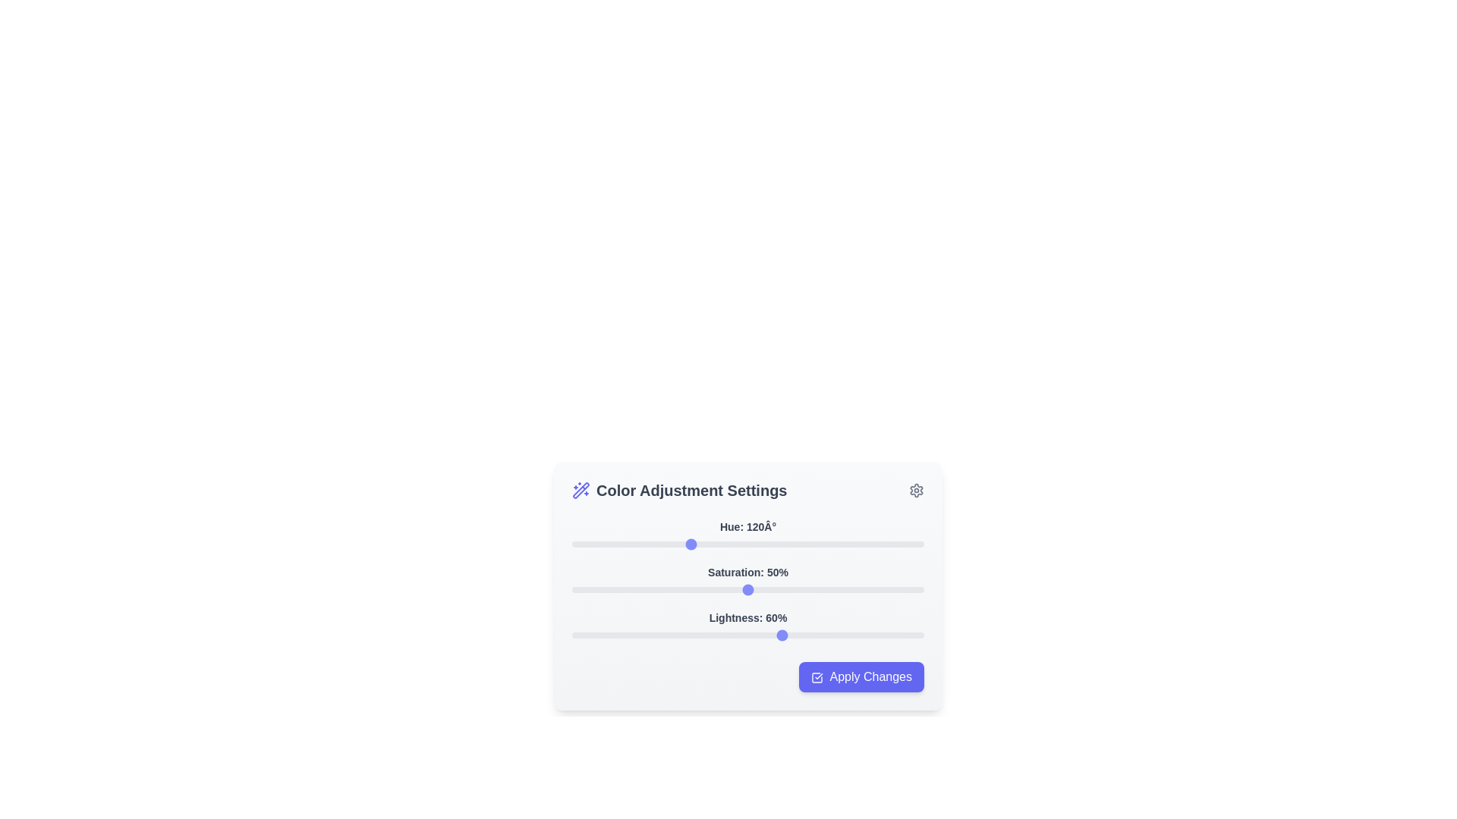 Image resolution: width=1457 pixels, height=819 pixels. What do you see at coordinates (762, 589) in the screenshot?
I see `the saturation` at bounding box center [762, 589].